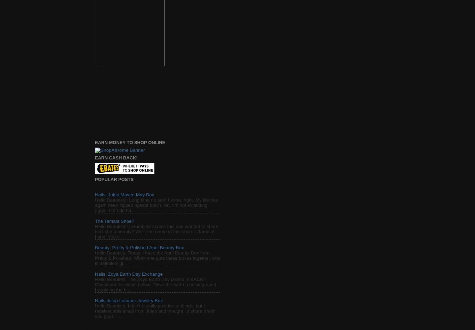 The image size is (475, 330). What do you see at coordinates (95, 194) in the screenshot?
I see `'Nails: Julep Maven May Box'` at bounding box center [95, 194].